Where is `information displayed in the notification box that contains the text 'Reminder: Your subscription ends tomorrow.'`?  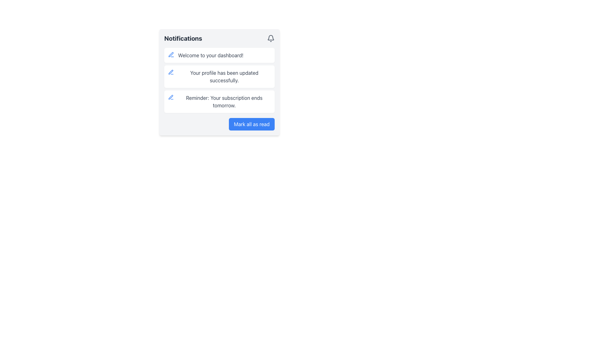 information displayed in the notification box that contains the text 'Reminder: Your subscription ends tomorrow.' is located at coordinates (219, 101).